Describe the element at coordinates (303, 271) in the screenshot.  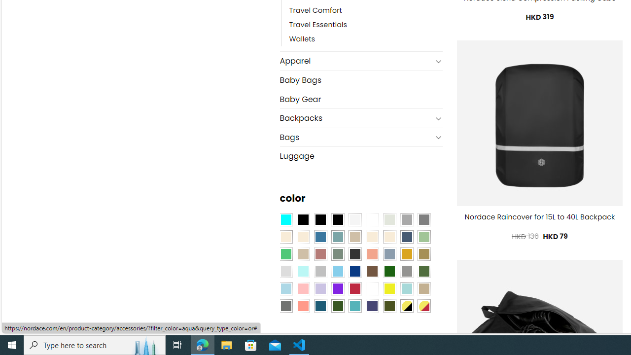
I see `'Mint'` at that location.